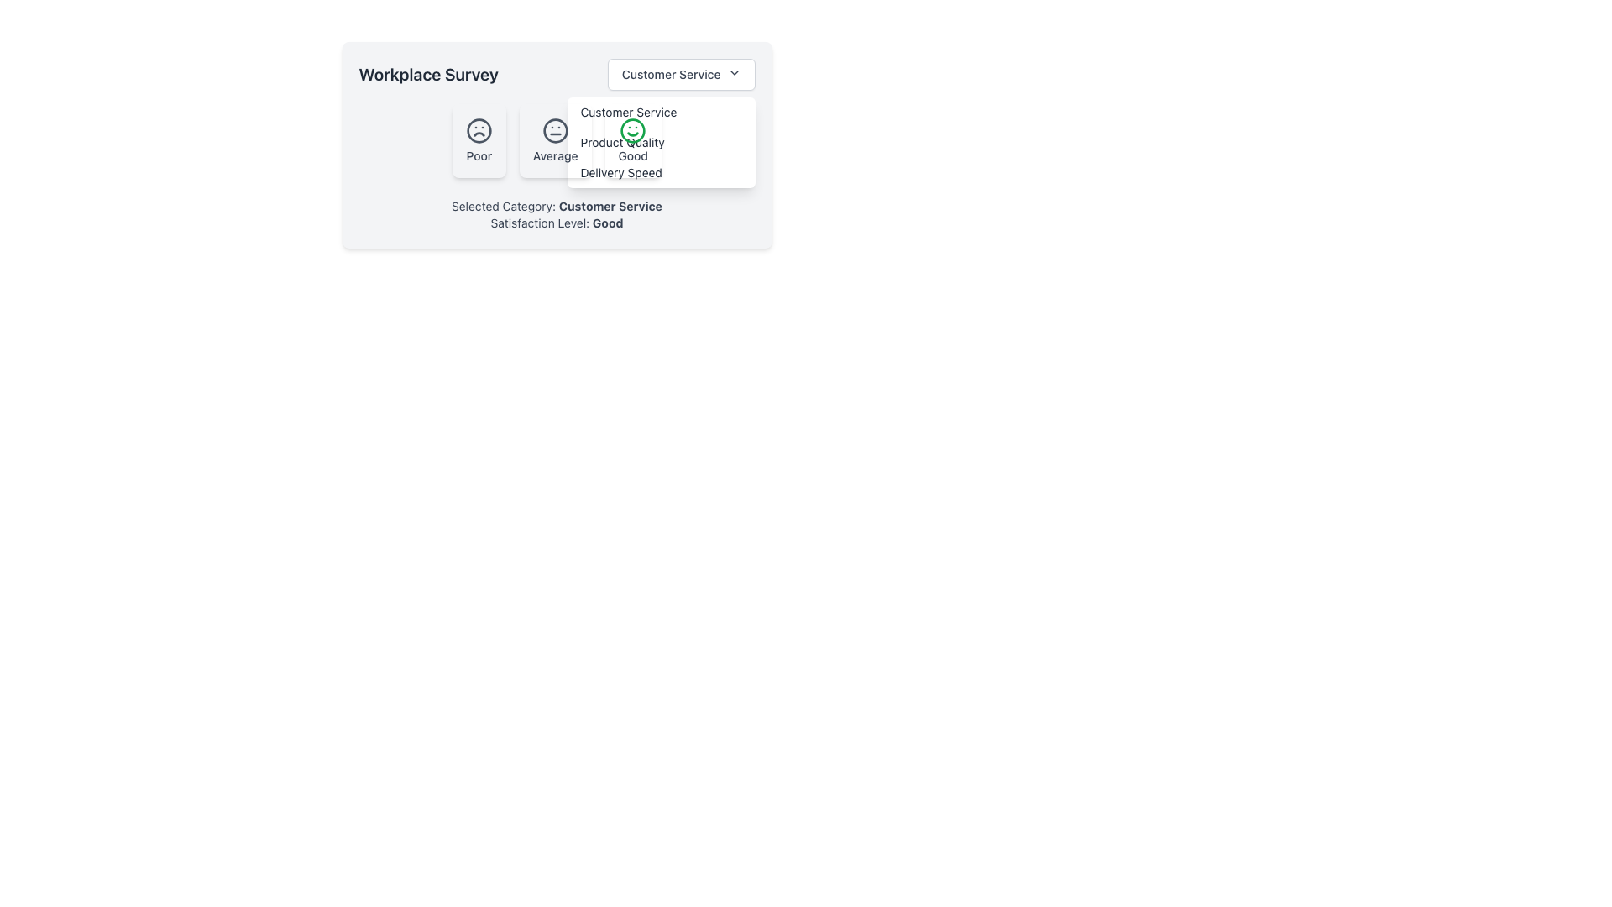 This screenshot has width=1612, height=907. Describe the element at coordinates (610, 205) in the screenshot. I see `the Text label indicating 'Selected Category: Customer Service', which serves as a non-interactive information display for the selected category in the survey interface` at that location.